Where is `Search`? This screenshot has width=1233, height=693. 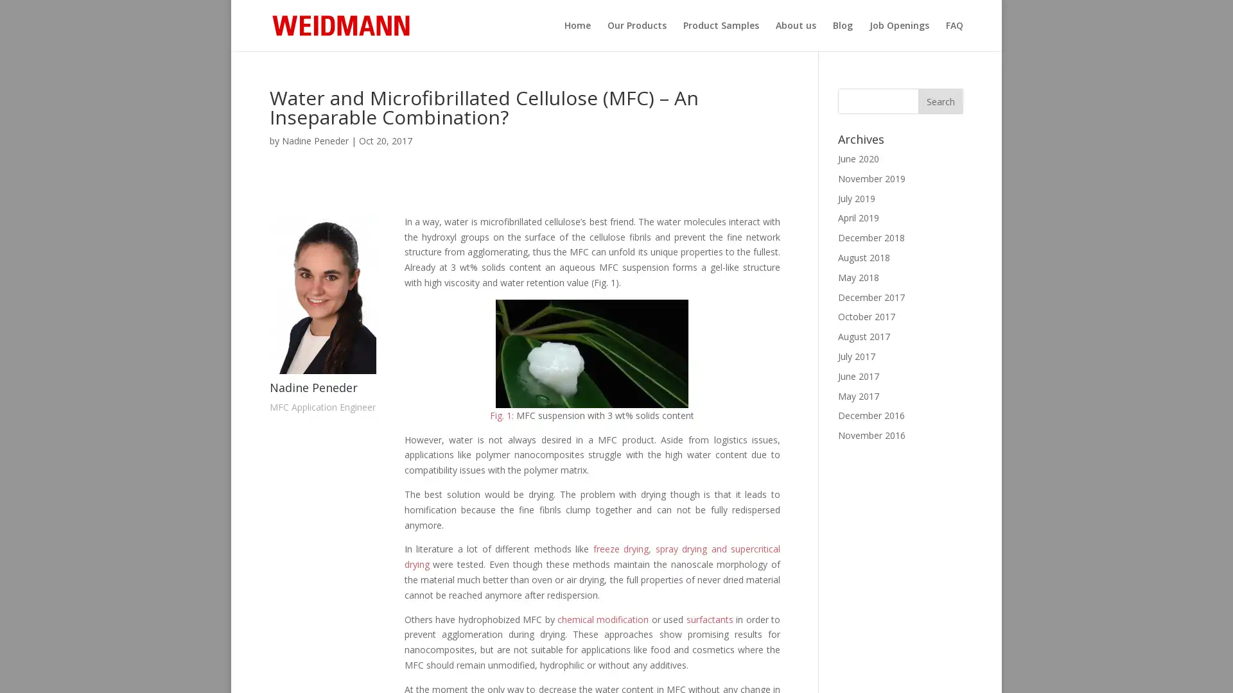
Search is located at coordinates (940, 101).